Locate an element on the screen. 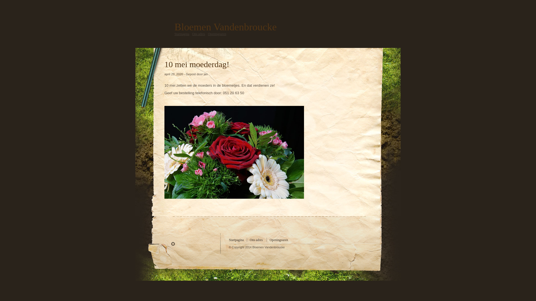 The image size is (536, 301). 'Startpagina' is located at coordinates (182, 34).